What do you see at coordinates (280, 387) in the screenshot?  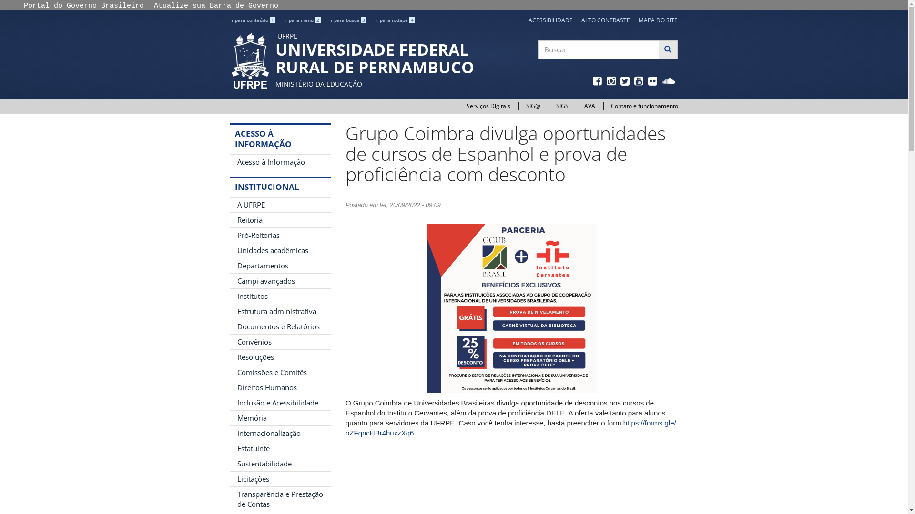 I see `'Direitos Humanos'` at bounding box center [280, 387].